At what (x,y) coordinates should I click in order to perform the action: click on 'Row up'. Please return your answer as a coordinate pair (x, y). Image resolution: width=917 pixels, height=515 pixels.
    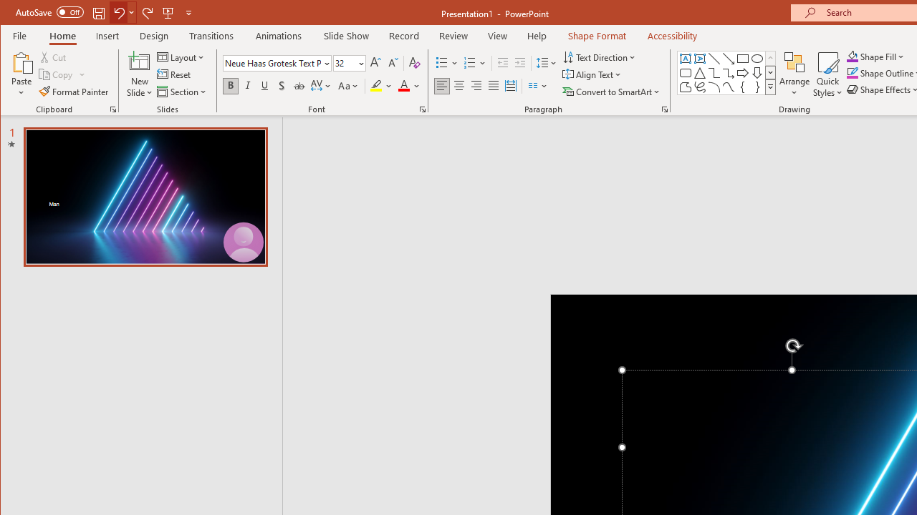
    Looking at the image, I should click on (769, 57).